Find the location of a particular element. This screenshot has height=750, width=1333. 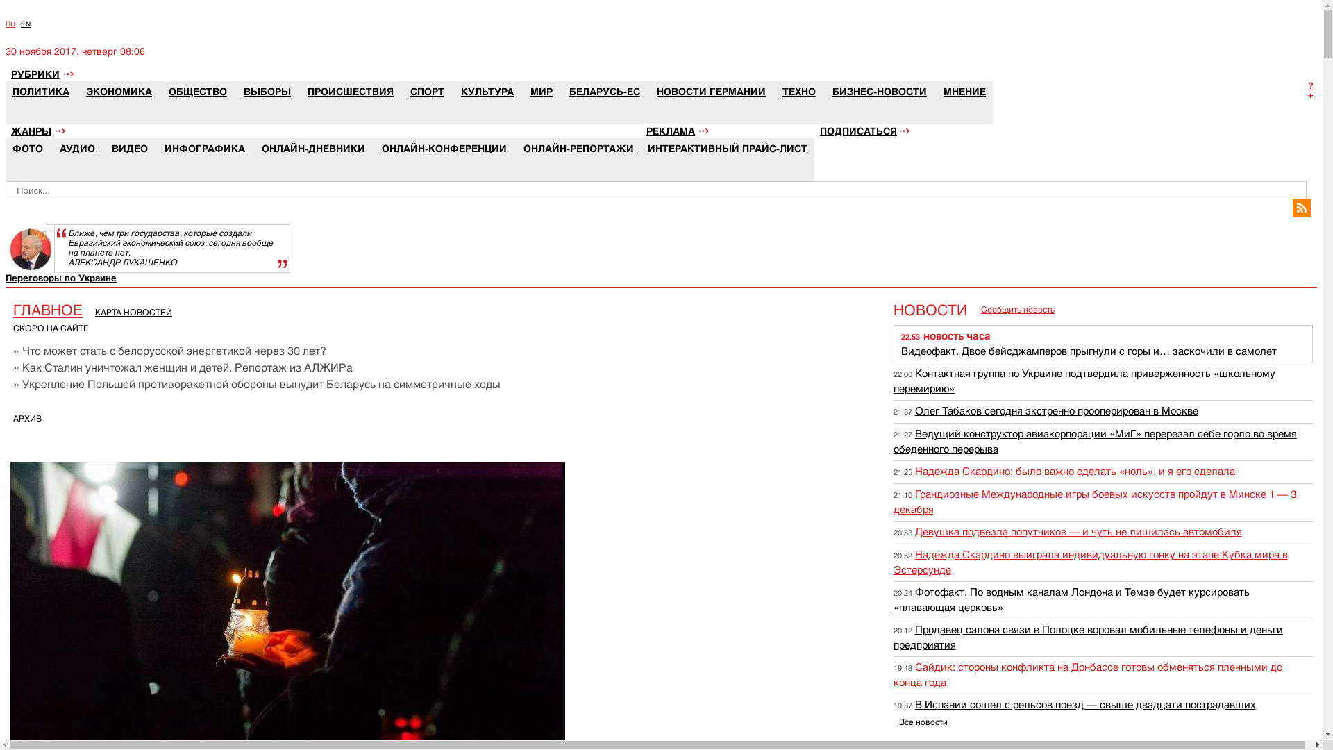

'RU' is located at coordinates (6, 24).